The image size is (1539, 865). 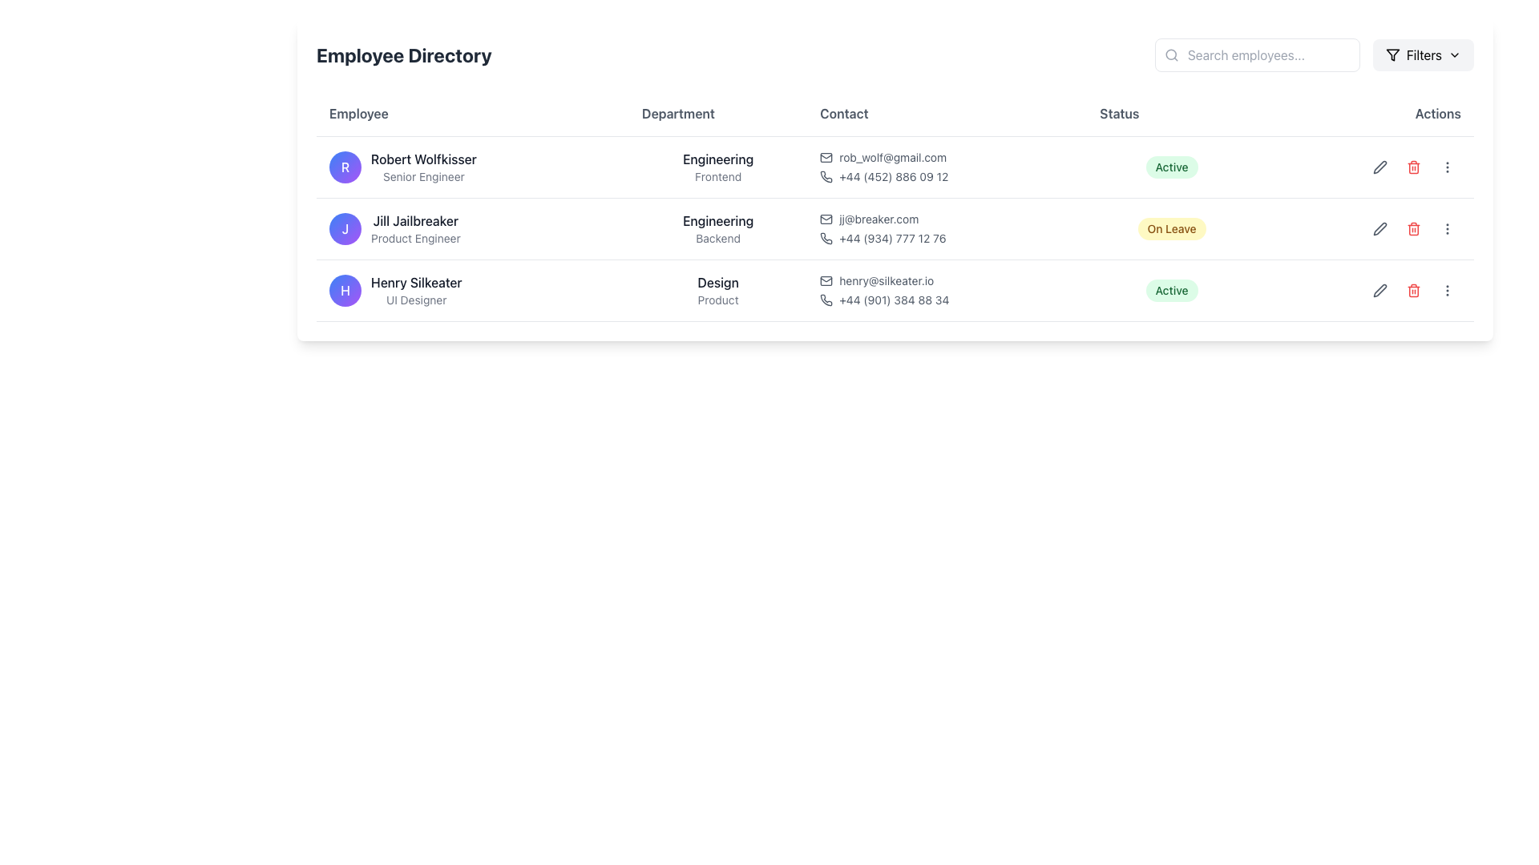 What do you see at coordinates (826, 219) in the screenshot?
I see `the email icon located to the left of the text 'jj@breaker.com' in the Contact column of the second entry in the Employee Directory table` at bounding box center [826, 219].